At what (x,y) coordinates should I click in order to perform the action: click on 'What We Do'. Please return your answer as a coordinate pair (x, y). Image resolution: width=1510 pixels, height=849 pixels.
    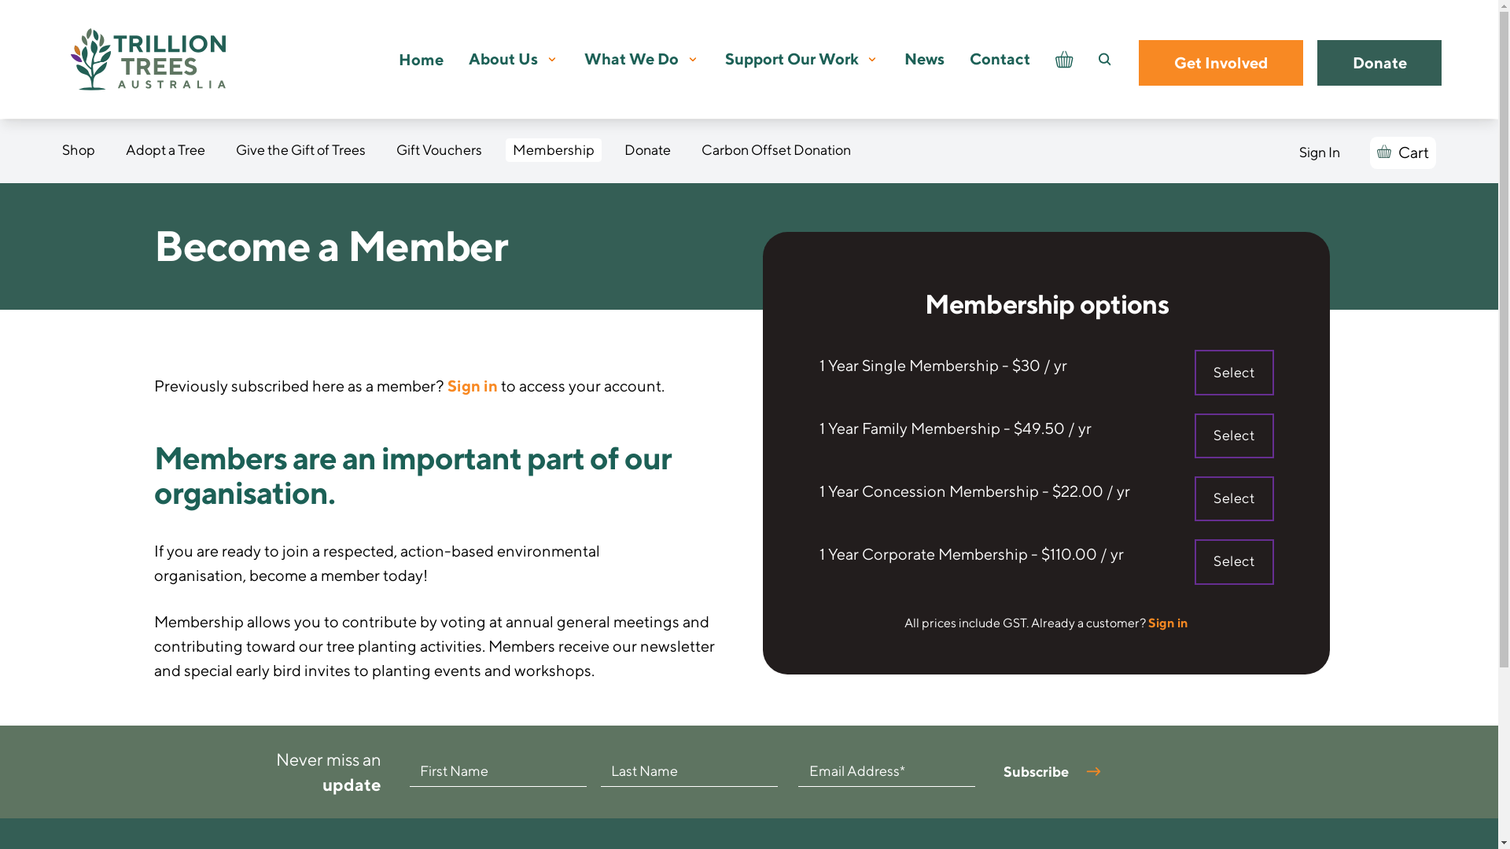
    Looking at the image, I should click on (631, 58).